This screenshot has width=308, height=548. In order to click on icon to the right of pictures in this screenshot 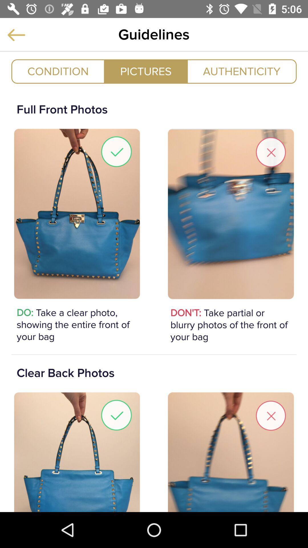, I will do `click(242, 71)`.